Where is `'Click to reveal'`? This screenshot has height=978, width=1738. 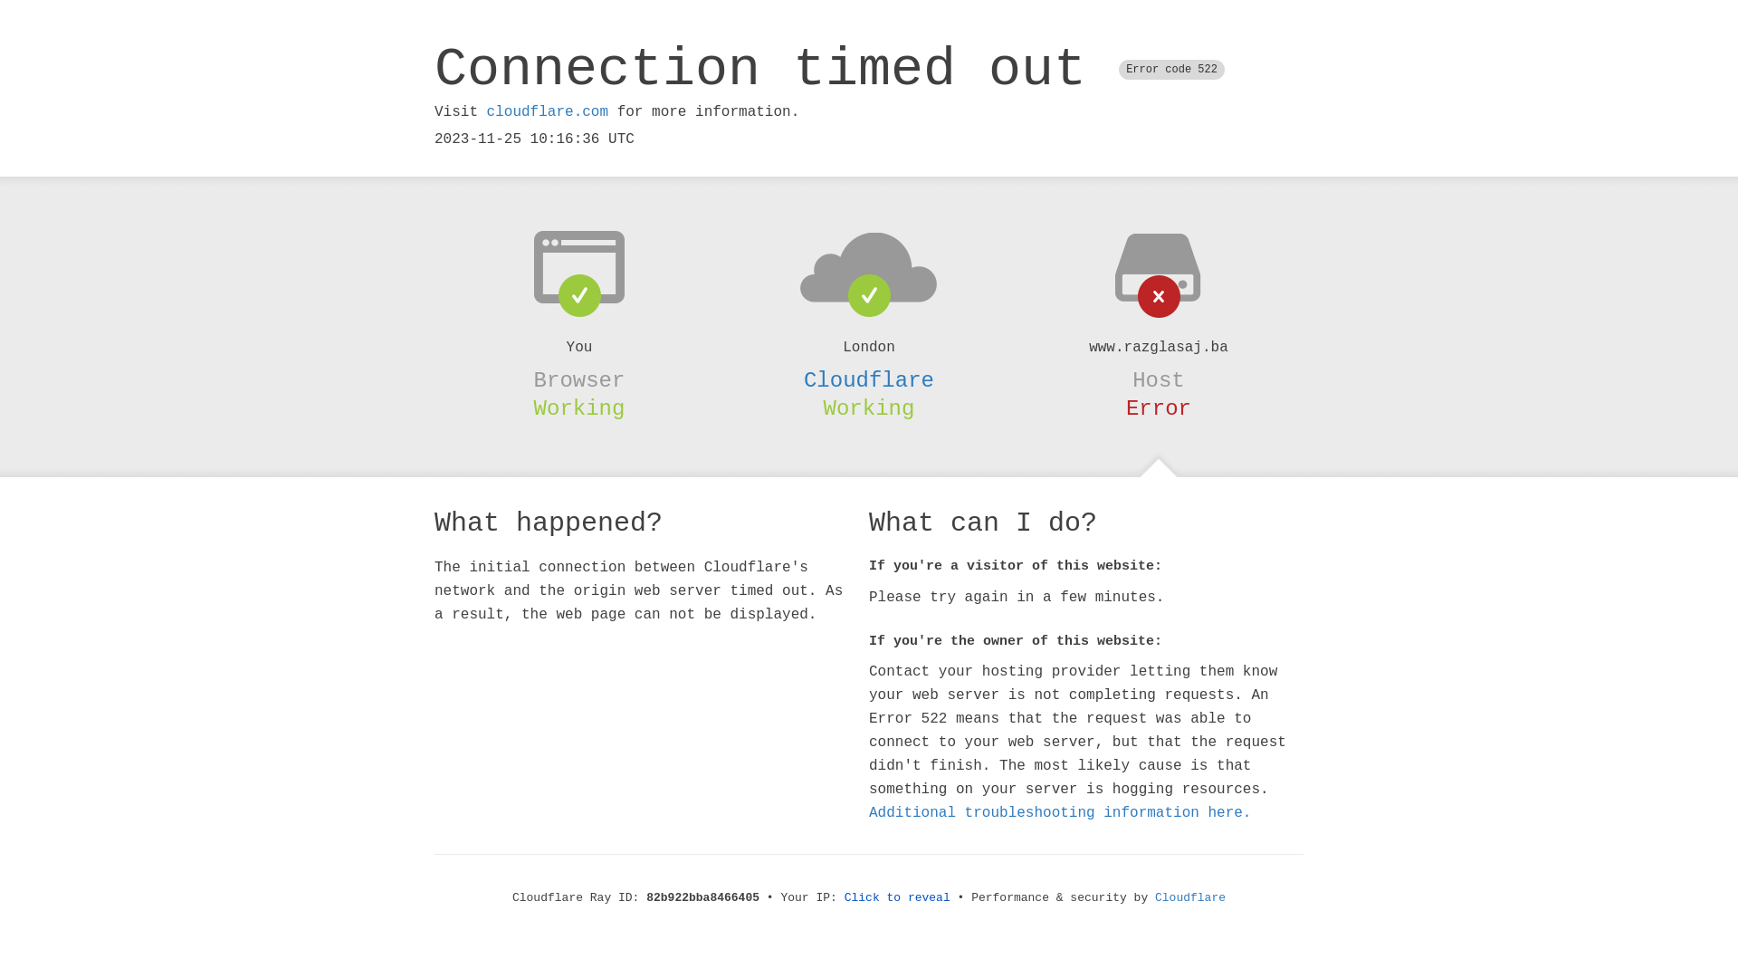 'Click to reveal' is located at coordinates (897, 897).